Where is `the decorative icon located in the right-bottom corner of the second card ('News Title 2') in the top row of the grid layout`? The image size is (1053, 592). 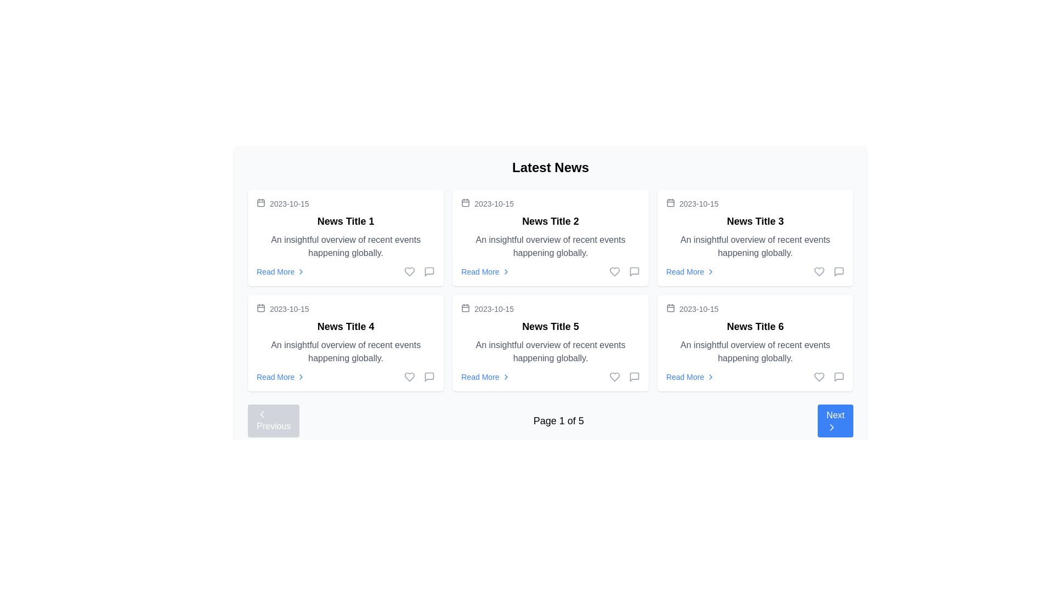 the decorative icon located in the right-bottom corner of the second card ('News Title 2') in the top row of the grid layout is located at coordinates (614, 271).